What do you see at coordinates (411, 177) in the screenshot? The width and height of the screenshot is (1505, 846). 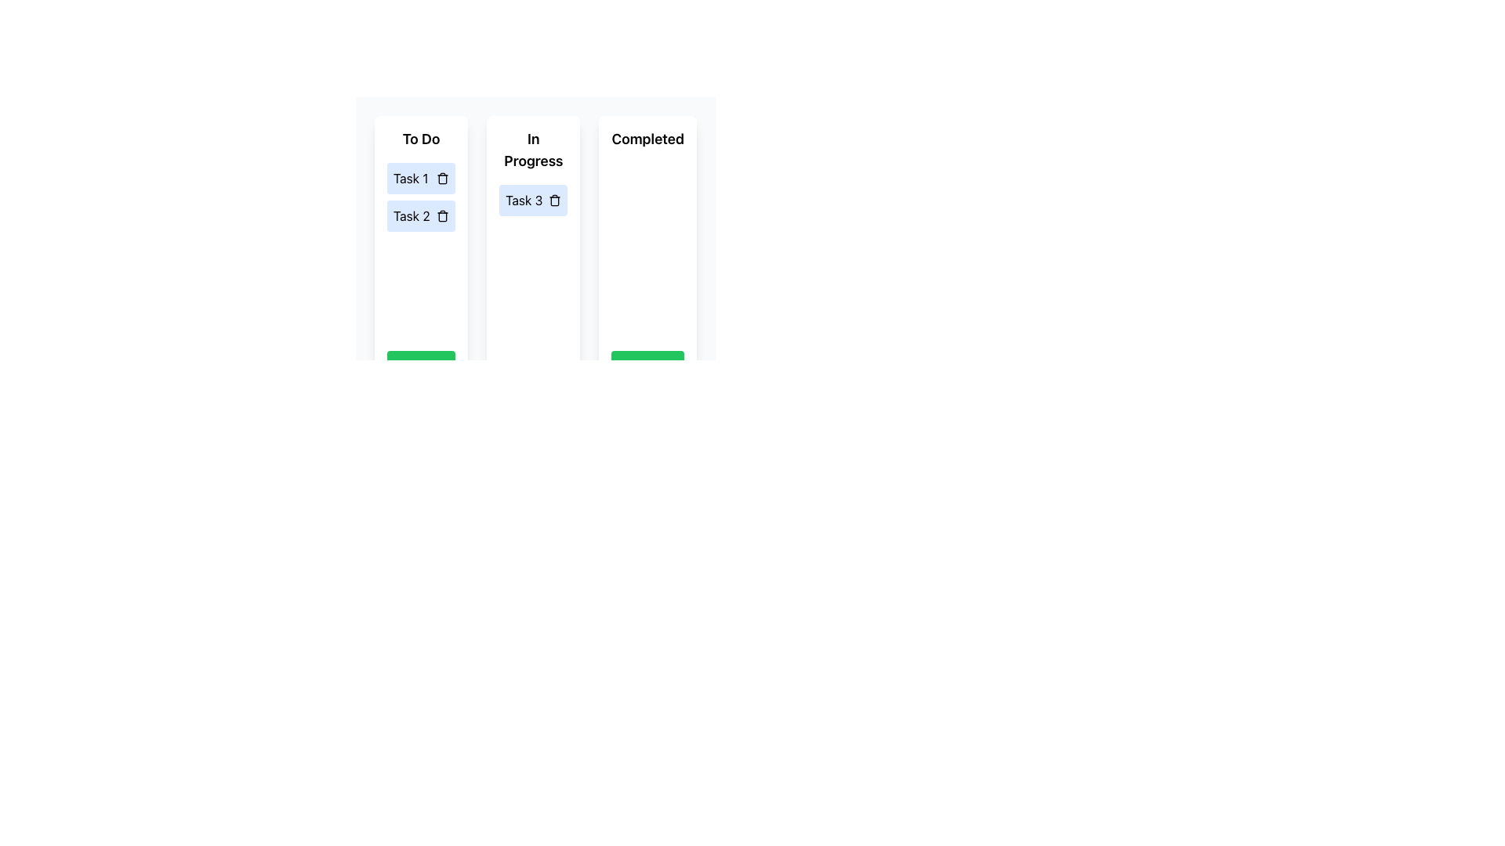 I see `the text label 'Task 1' which is displayed in black font on a light blue background within the 'To Do' column in the topmost task cell` at bounding box center [411, 177].